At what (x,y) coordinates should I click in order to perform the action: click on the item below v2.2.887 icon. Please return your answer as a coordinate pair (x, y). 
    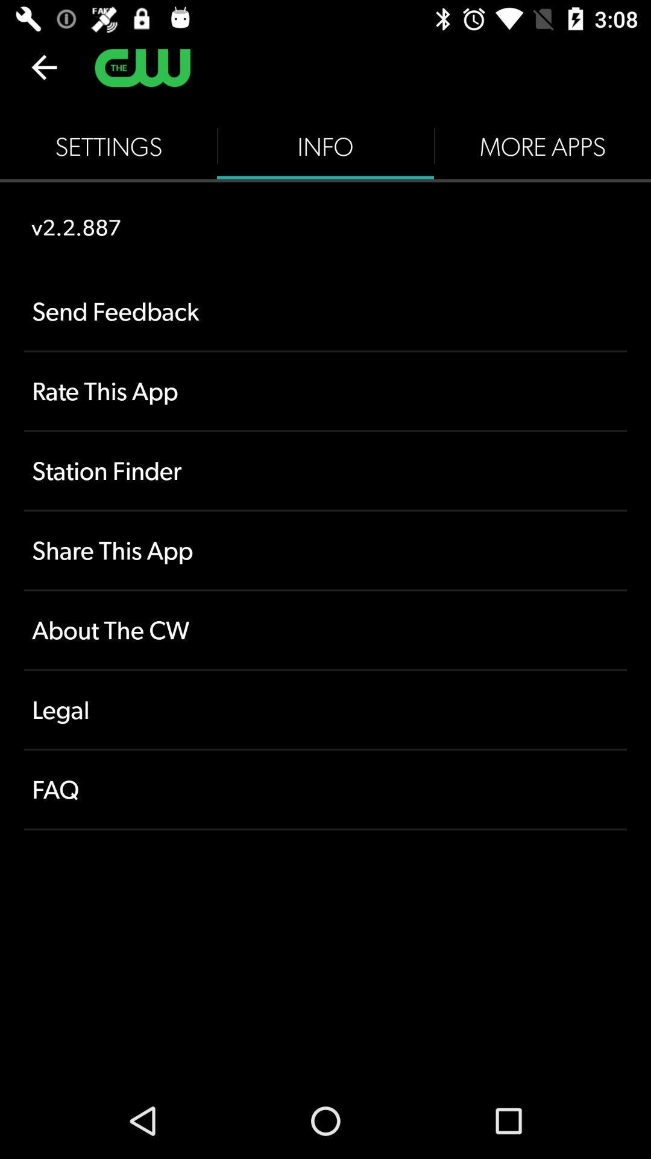
    Looking at the image, I should click on (325, 311).